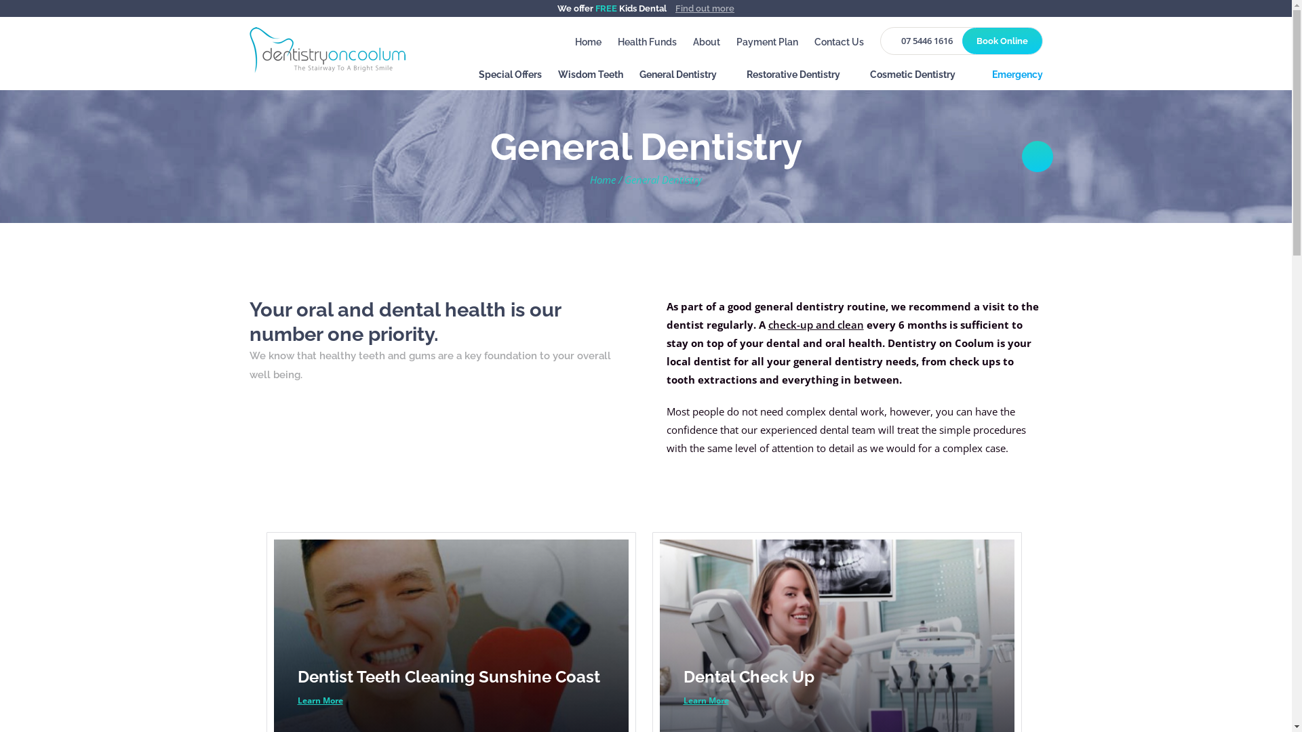 This screenshot has height=732, width=1302. Describe the element at coordinates (589, 78) in the screenshot. I see `'Wisdom Teeth'` at that location.